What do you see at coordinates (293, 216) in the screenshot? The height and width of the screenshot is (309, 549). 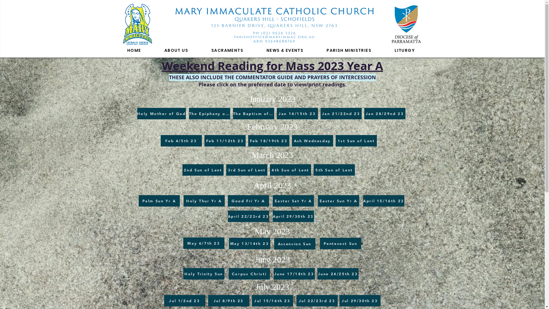 I see `'April 29/30th 23'` at bounding box center [293, 216].